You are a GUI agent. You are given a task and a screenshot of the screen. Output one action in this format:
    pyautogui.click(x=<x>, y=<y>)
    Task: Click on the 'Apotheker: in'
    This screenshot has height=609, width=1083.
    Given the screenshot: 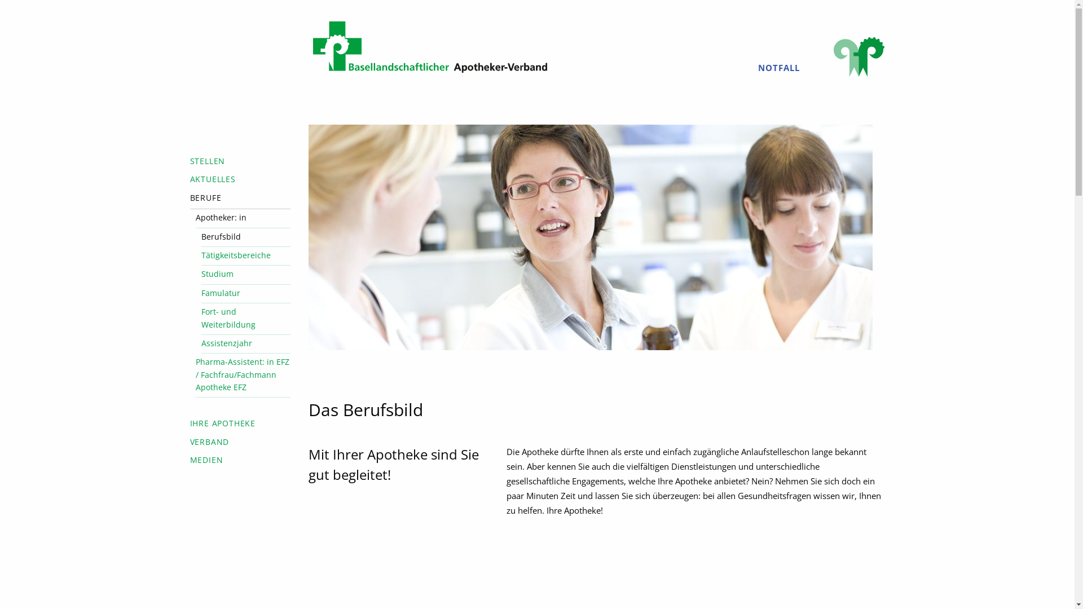 What is the action you would take?
    pyautogui.click(x=242, y=219)
    